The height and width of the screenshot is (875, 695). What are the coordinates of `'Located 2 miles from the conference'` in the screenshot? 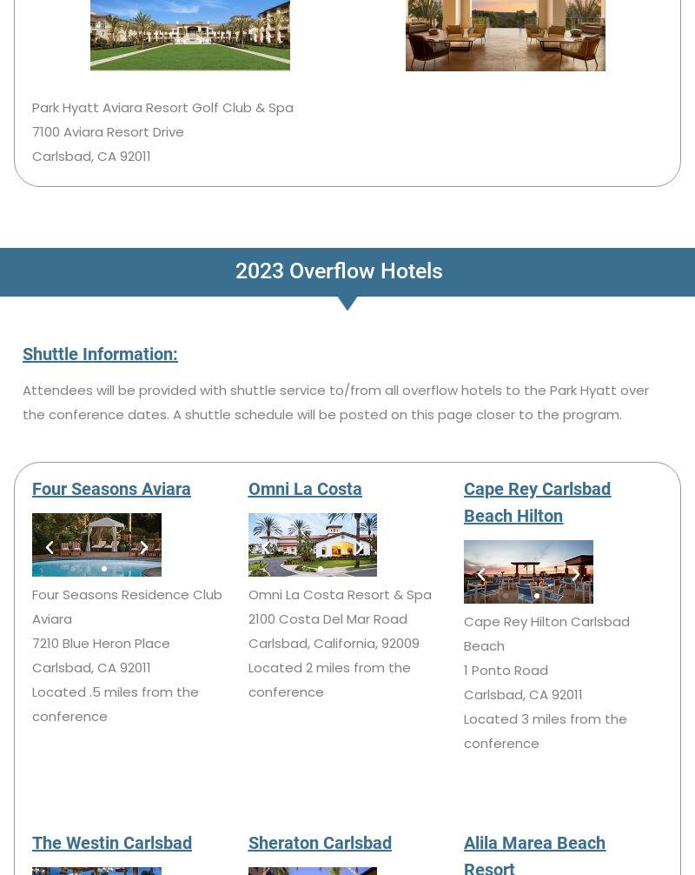 It's located at (248, 678).